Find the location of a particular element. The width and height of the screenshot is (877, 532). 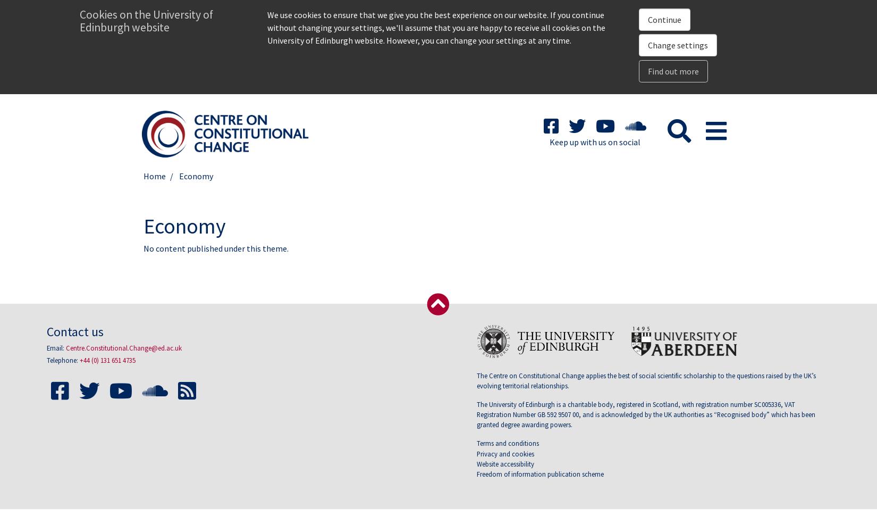

'Find out more' is located at coordinates (672, 71).